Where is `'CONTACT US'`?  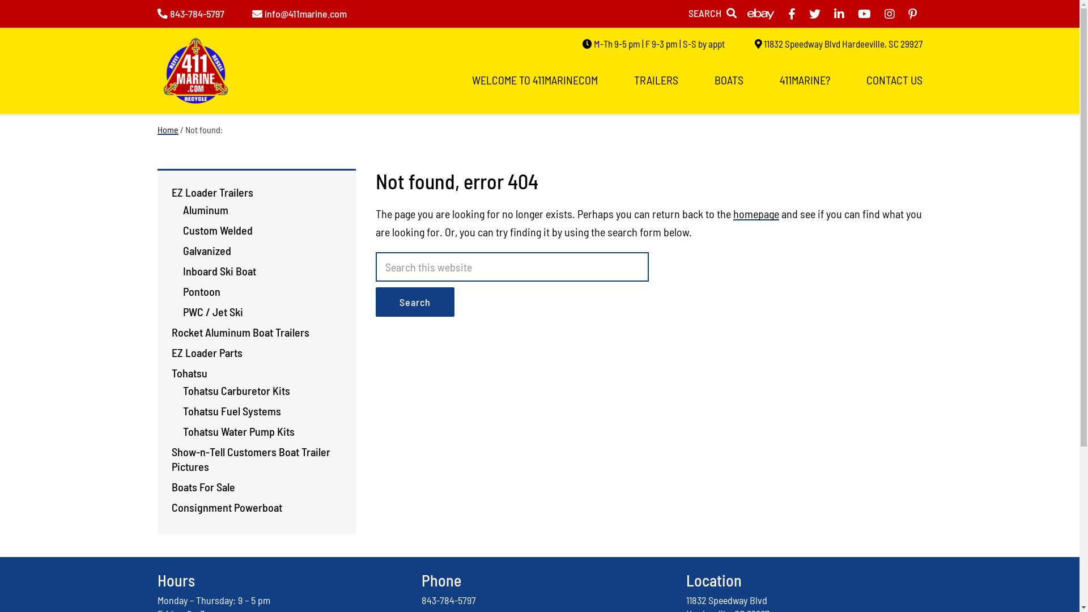
'CONTACT US' is located at coordinates (893, 79).